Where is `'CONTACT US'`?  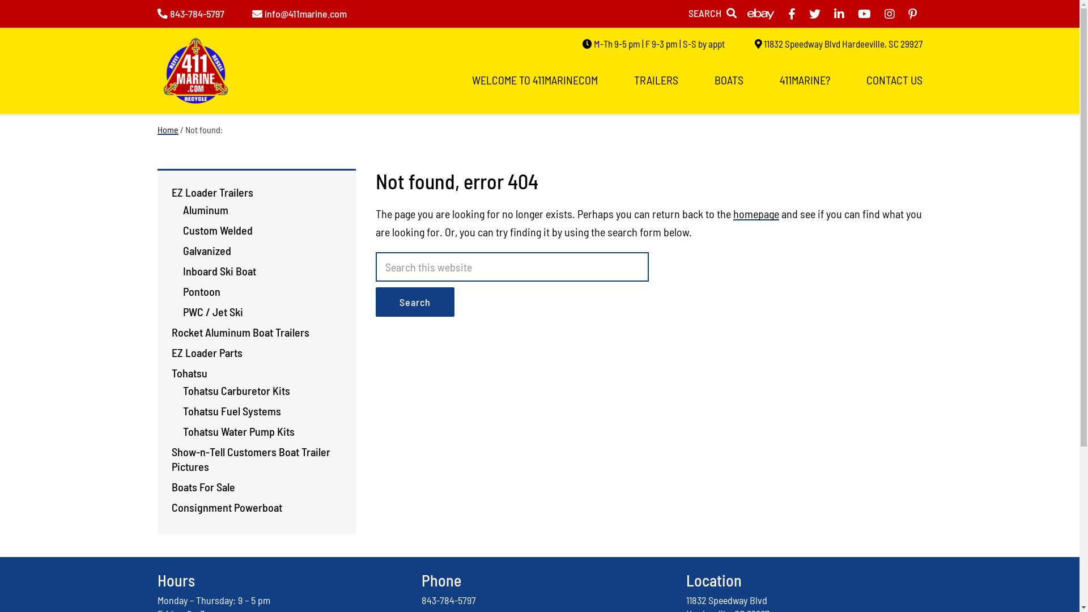
'CONTACT US' is located at coordinates (893, 79).